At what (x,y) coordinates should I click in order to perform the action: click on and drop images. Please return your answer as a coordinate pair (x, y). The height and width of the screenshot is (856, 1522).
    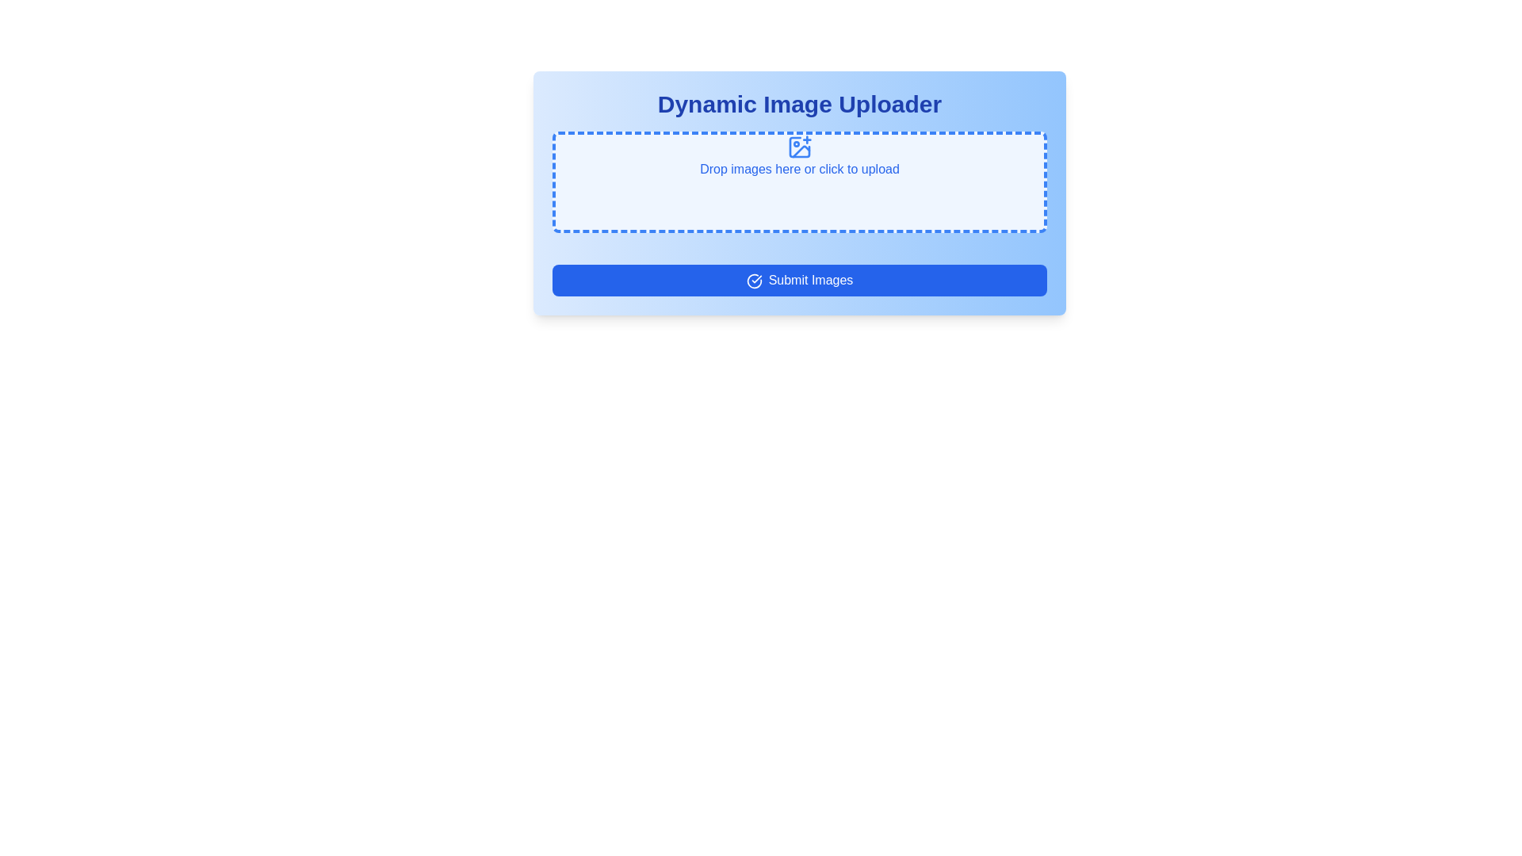
    Looking at the image, I should click on (799, 182).